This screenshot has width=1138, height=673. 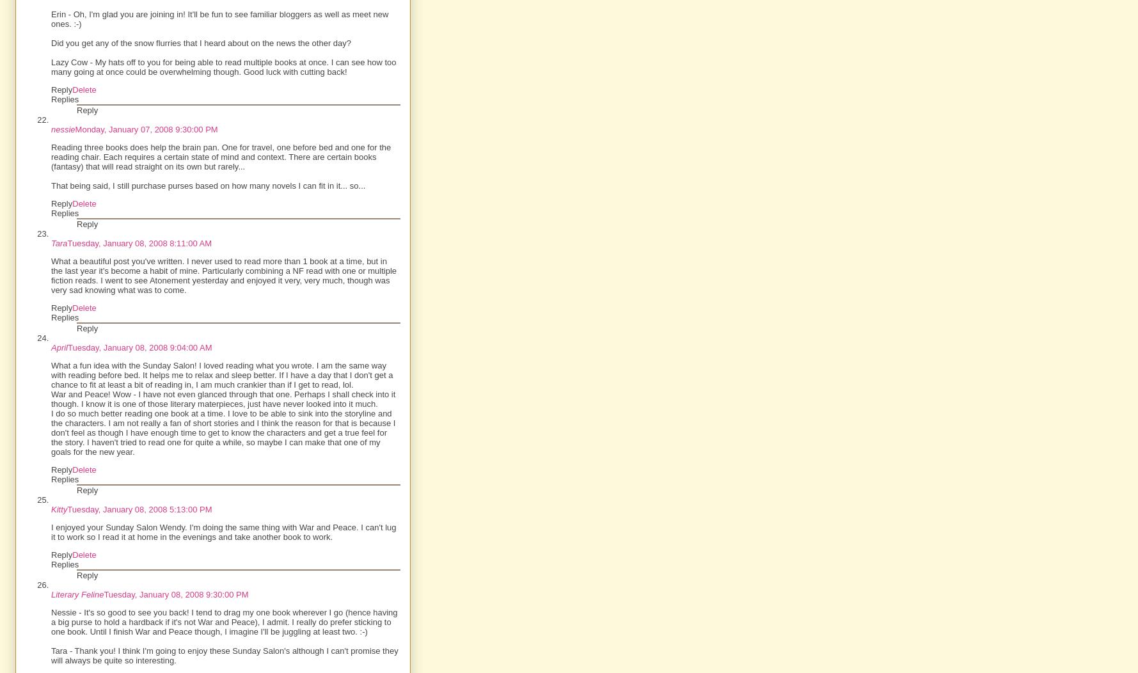 What do you see at coordinates (51, 532) in the screenshot?
I see `'I enjoyed your Sunday Salon Wendy. I'm doing the same thing with War and Peace.  I can't lug it to work so I read it at home in the evenings and take another book to work.'` at bounding box center [51, 532].